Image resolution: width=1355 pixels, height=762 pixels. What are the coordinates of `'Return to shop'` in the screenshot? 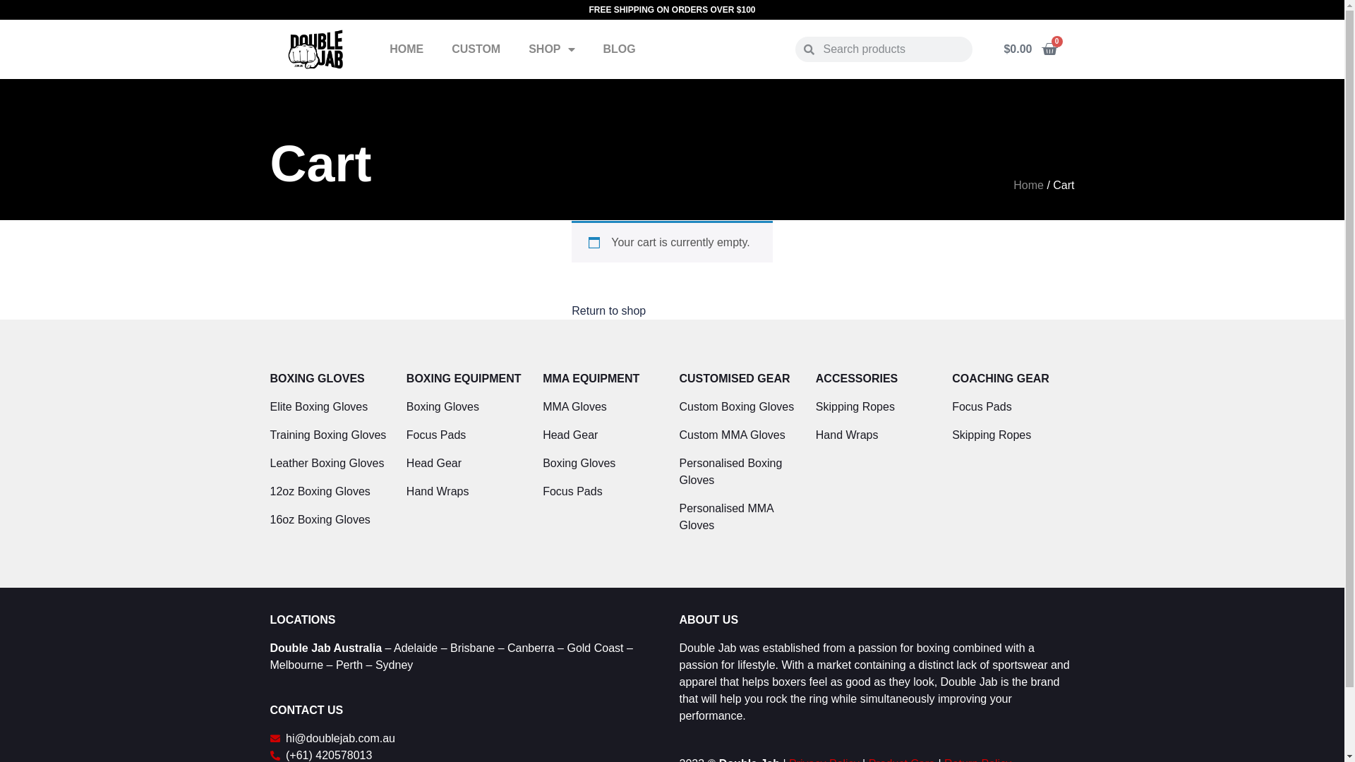 It's located at (608, 310).